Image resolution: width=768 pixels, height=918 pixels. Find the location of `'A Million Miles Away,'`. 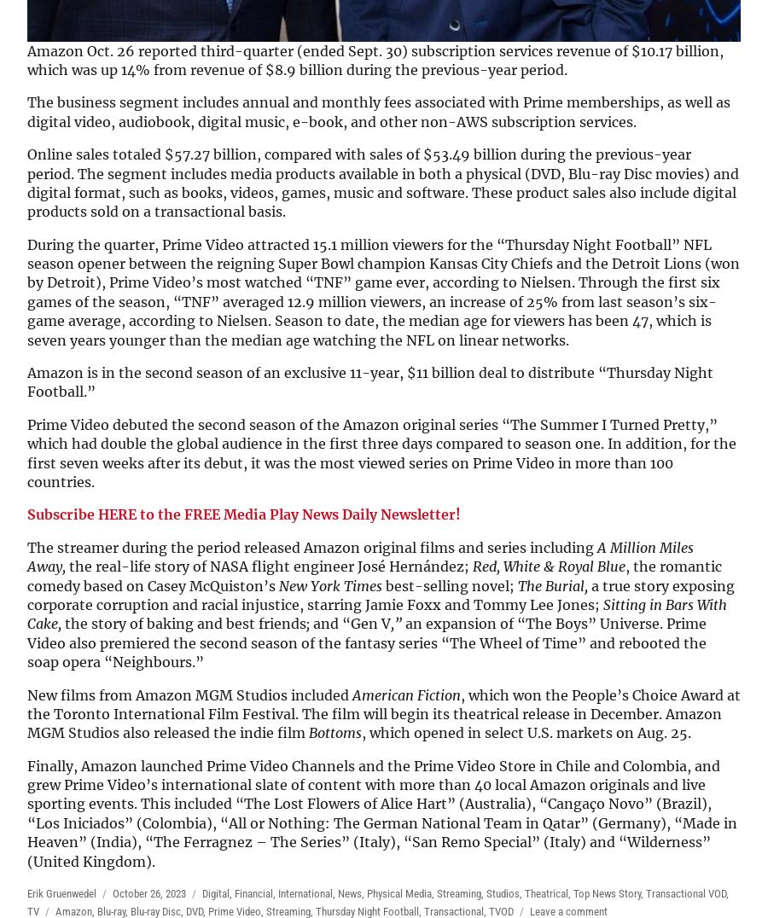

'A Million Miles Away,' is located at coordinates (360, 555).